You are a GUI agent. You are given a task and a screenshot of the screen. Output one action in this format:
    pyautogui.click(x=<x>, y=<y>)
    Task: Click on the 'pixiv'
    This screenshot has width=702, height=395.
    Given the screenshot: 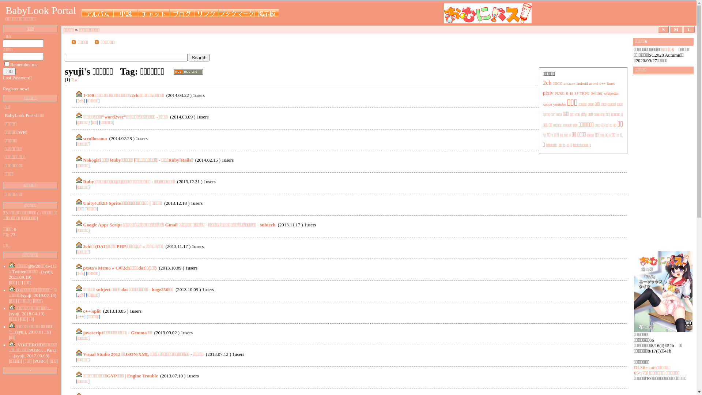 What is the action you would take?
    pyautogui.click(x=548, y=93)
    